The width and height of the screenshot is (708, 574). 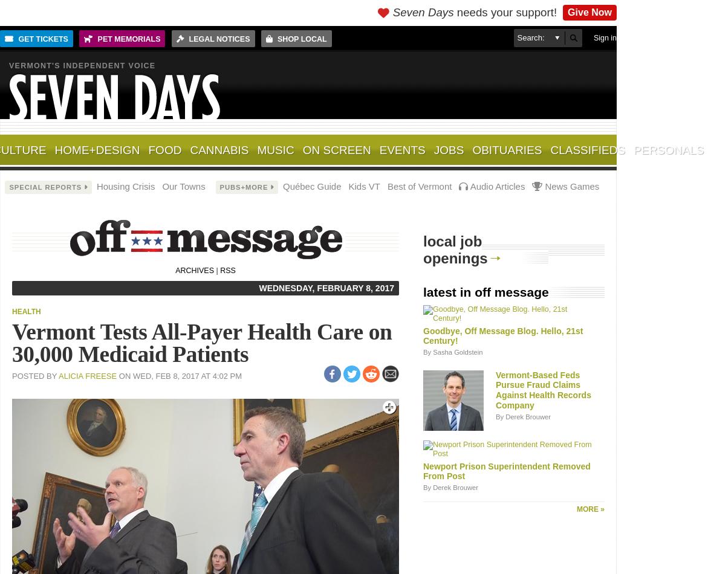 I want to click on 'Archives', so click(x=194, y=270).